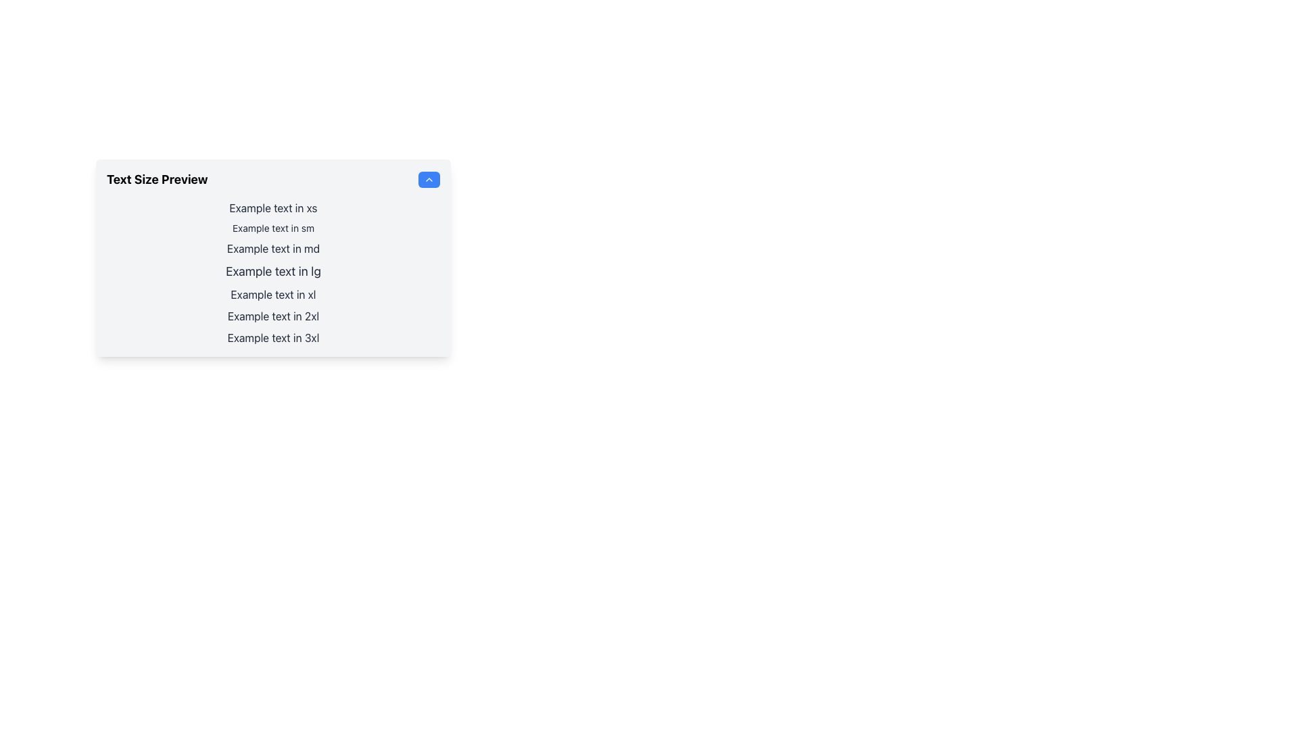 The height and width of the screenshot is (730, 1298). What do you see at coordinates (428, 179) in the screenshot?
I see `the upward-pointing chevron icon, which is a minimalist triangle shape in white against a blue circular background, located in the upper-right corner of the card holding text size previews` at bounding box center [428, 179].